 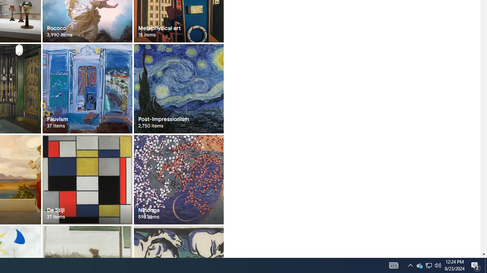 I want to click on 'Nihonga 593 items', so click(x=178, y=179).